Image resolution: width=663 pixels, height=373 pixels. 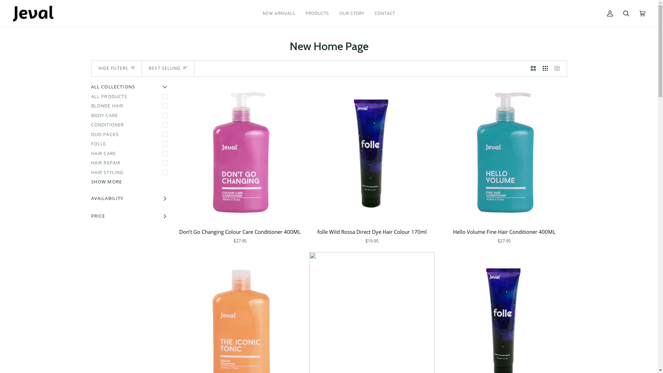 What do you see at coordinates (44, 6) in the screenshot?
I see `'Filter'` at bounding box center [44, 6].